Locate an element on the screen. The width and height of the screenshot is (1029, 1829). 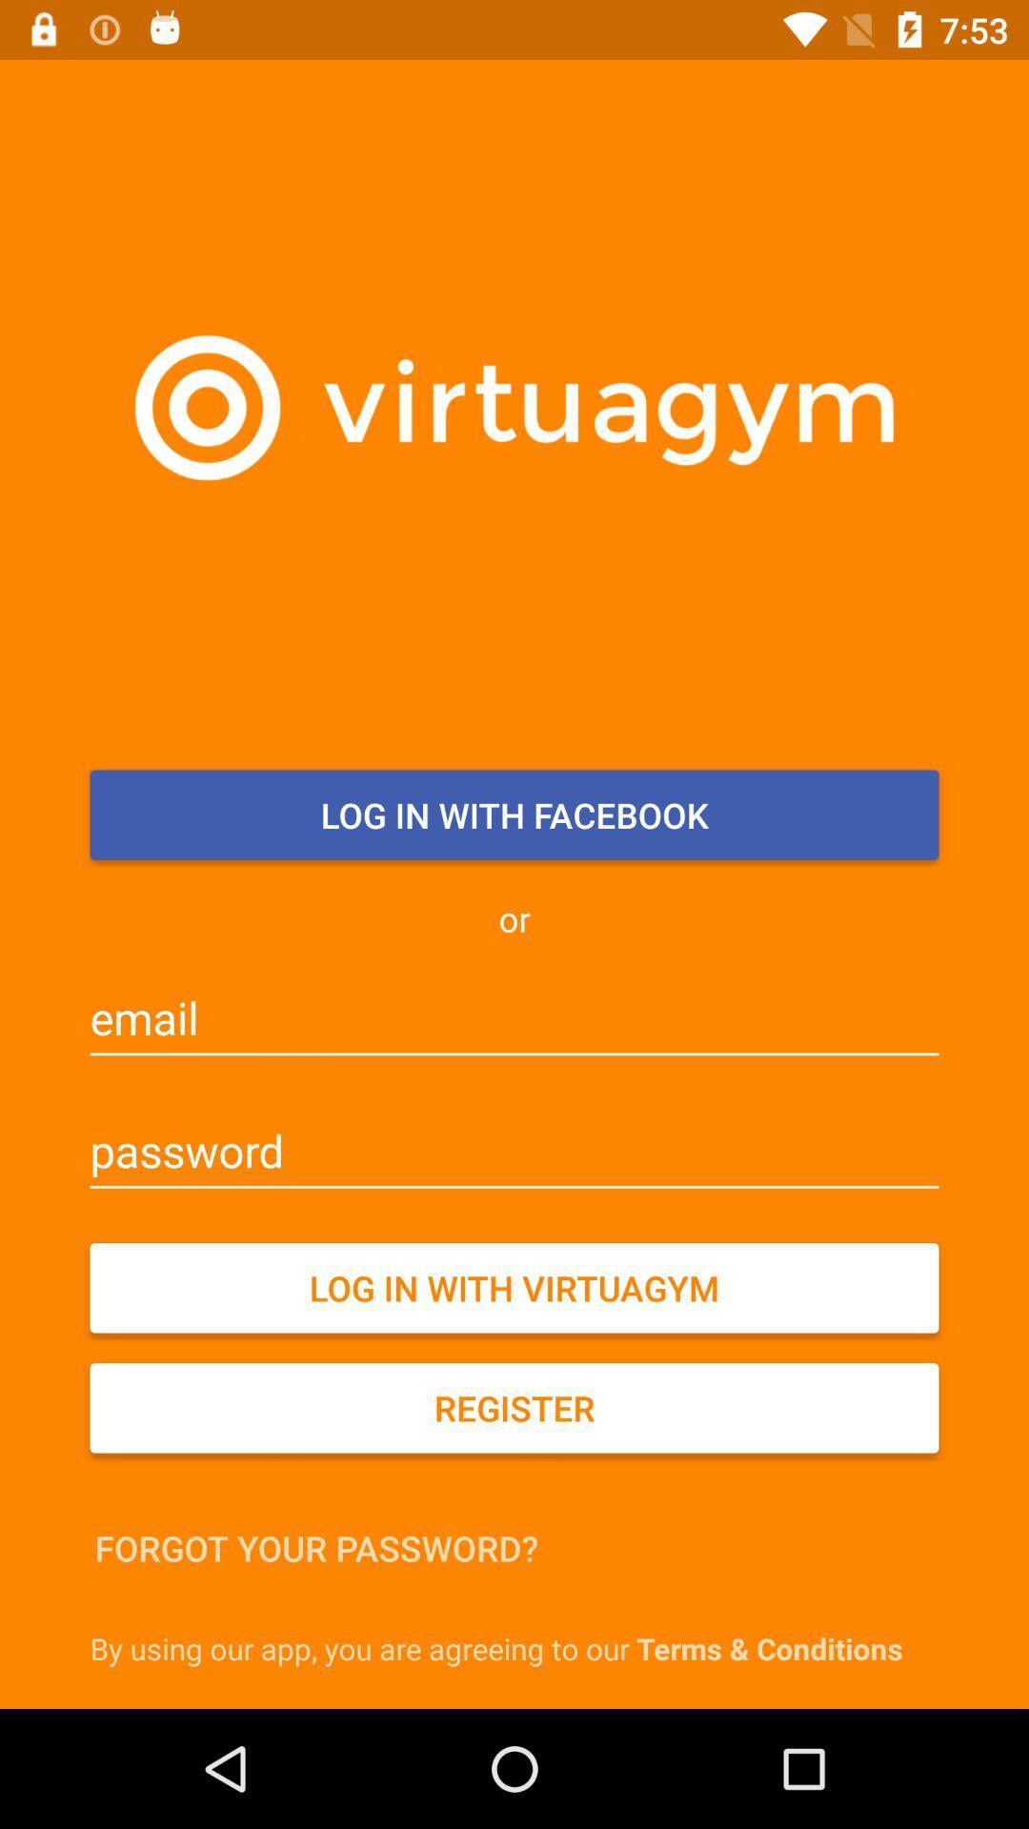
item below log in with is located at coordinates (514, 1408).